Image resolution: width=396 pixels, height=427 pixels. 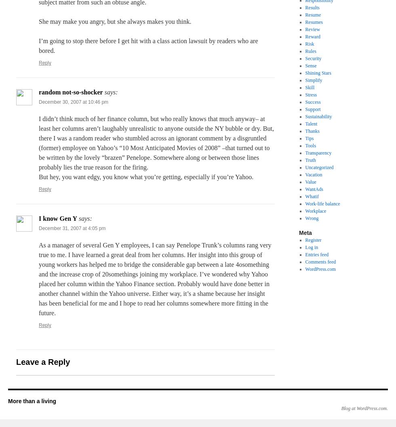 I want to click on 'Success', so click(x=313, y=102).